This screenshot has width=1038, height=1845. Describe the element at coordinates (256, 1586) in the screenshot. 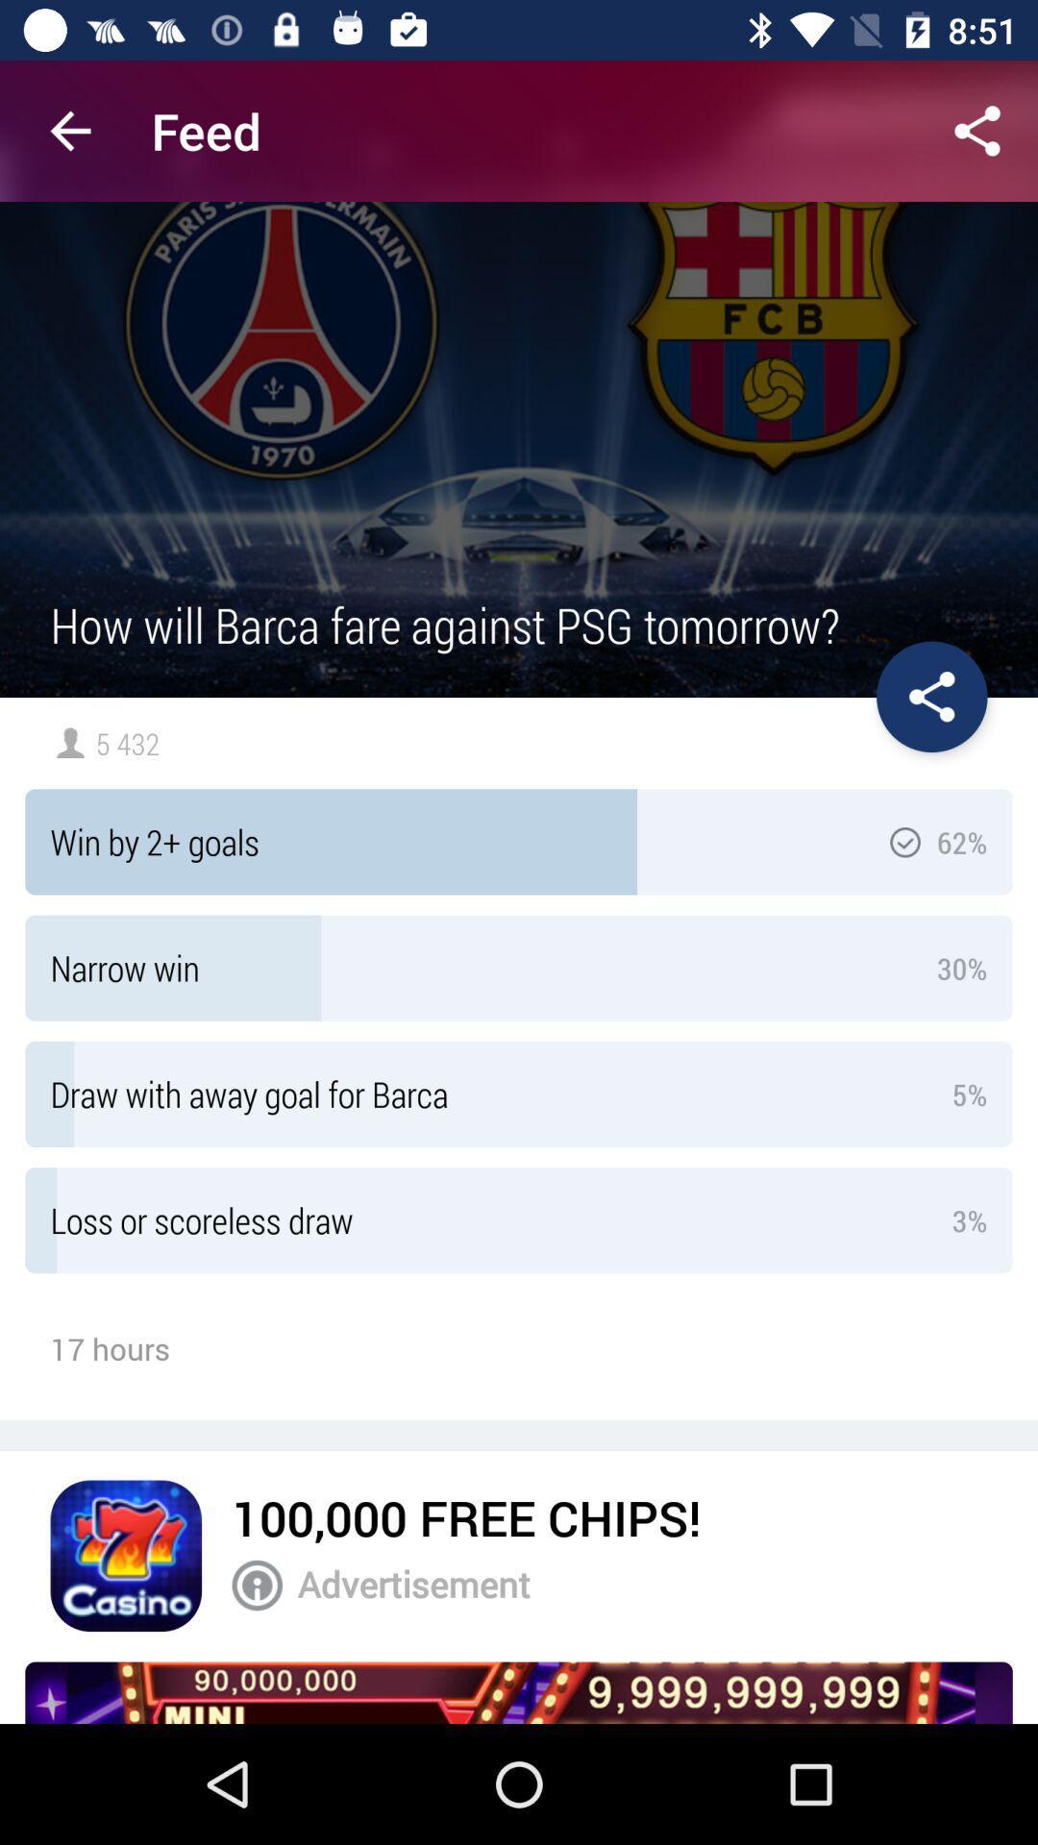

I see `information about advertisement` at that location.